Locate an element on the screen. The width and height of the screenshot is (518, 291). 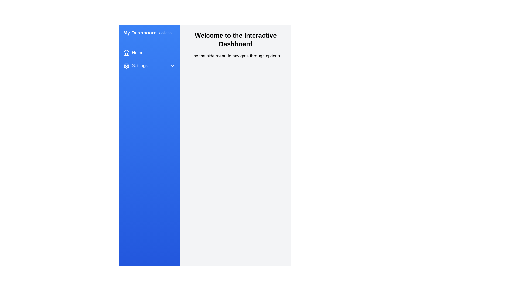
the settings icon located in the left navigation menu next to the 'Settings' label is located at coordinates (126, 65).